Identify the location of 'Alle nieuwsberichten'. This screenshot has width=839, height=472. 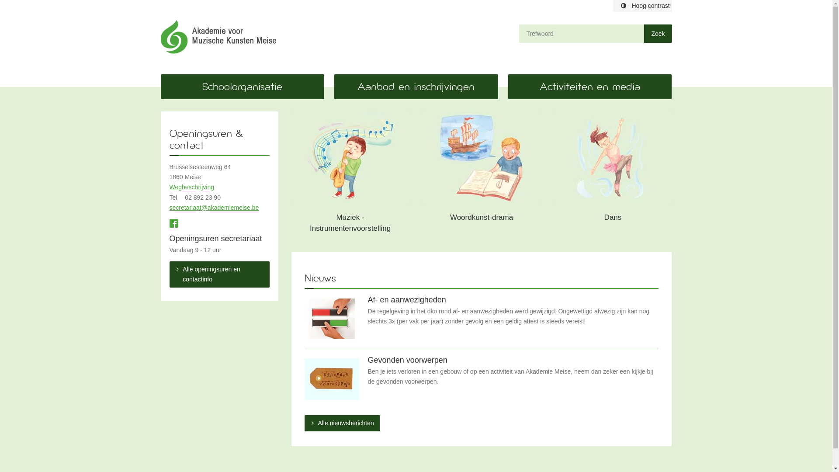
(304, 423).